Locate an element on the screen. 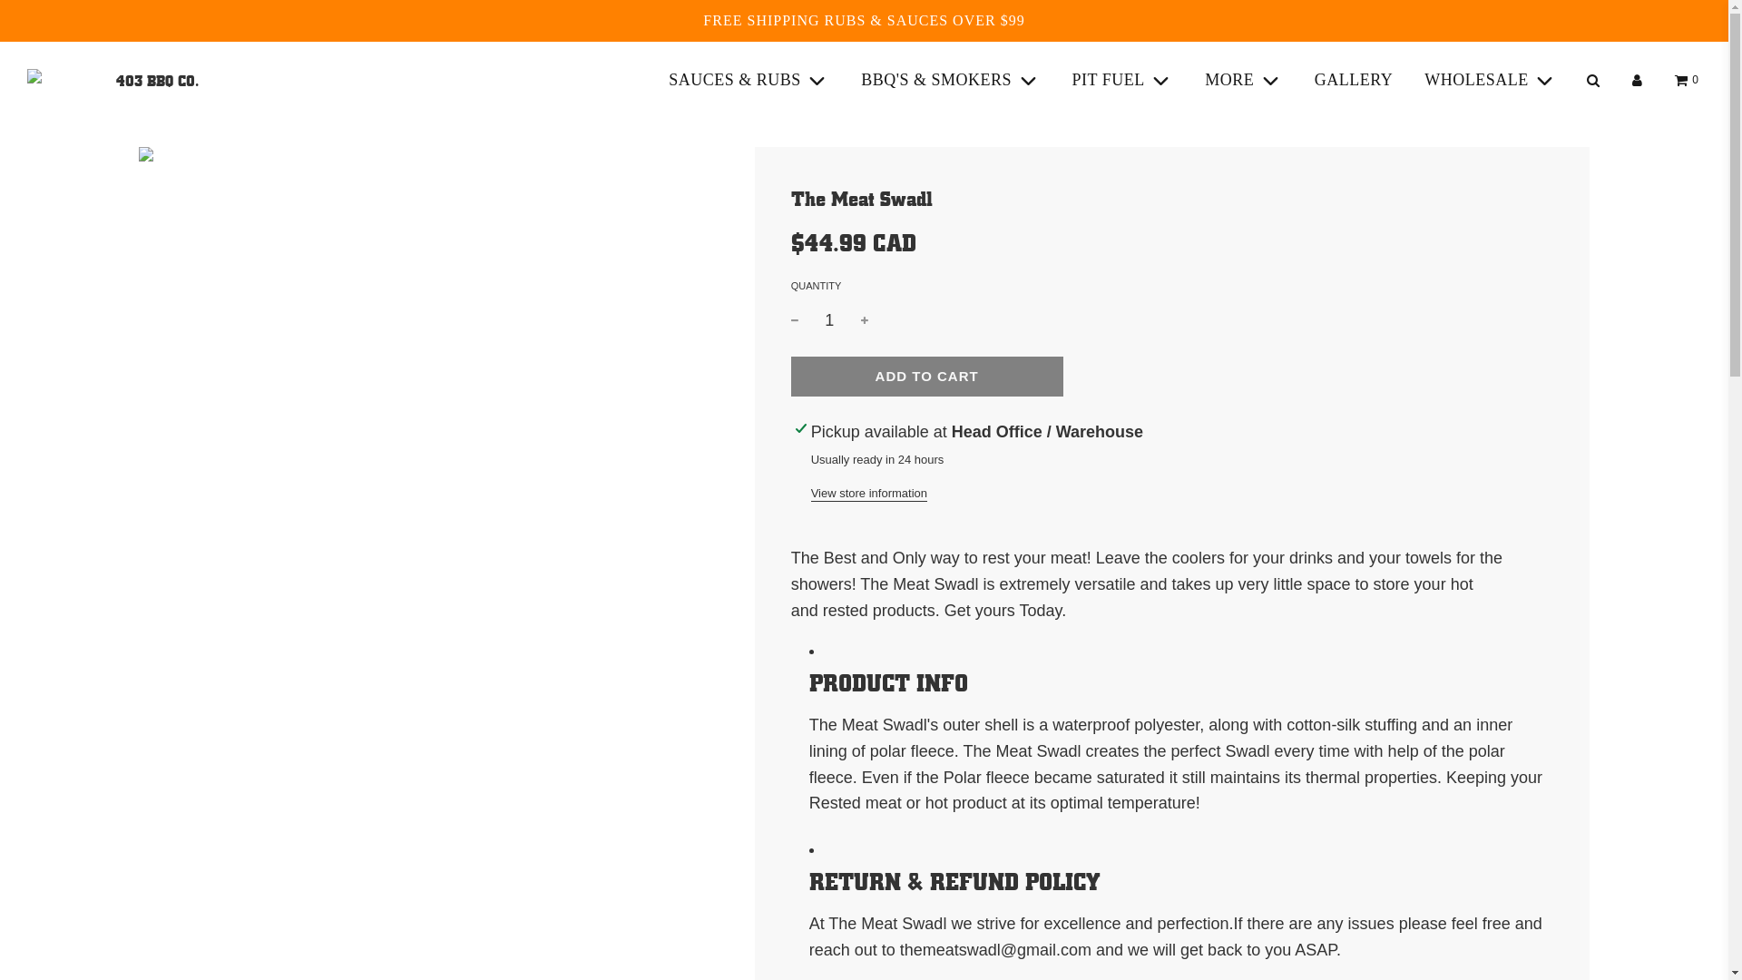 This screenshot has width=1742, height=980. 'Log in' is located at coordinates (1637, 79).